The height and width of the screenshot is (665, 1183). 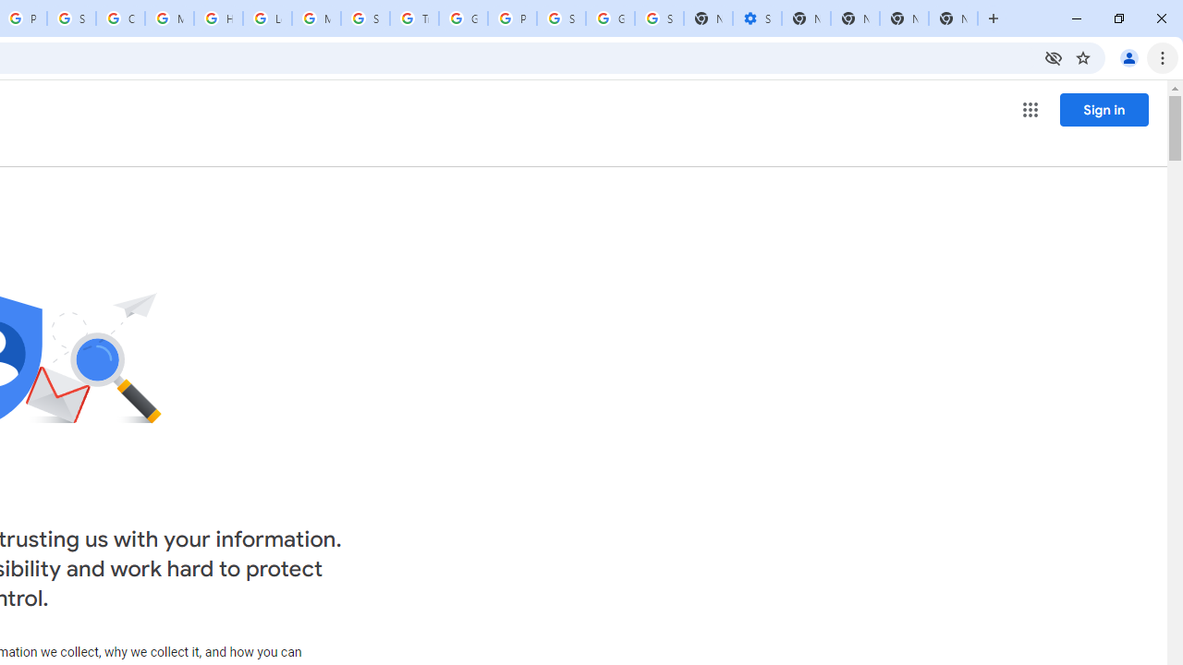 What do you see at coordinates (463, 18) in the screenshot?
I see `'Google Ads - Sign in'` at bounding box center [463, 18].